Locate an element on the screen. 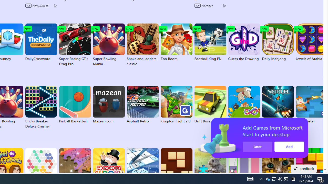 The height and width of the screenshot is (184, 328). 'Asphalt Retro' is located at coordinates (142, 105).